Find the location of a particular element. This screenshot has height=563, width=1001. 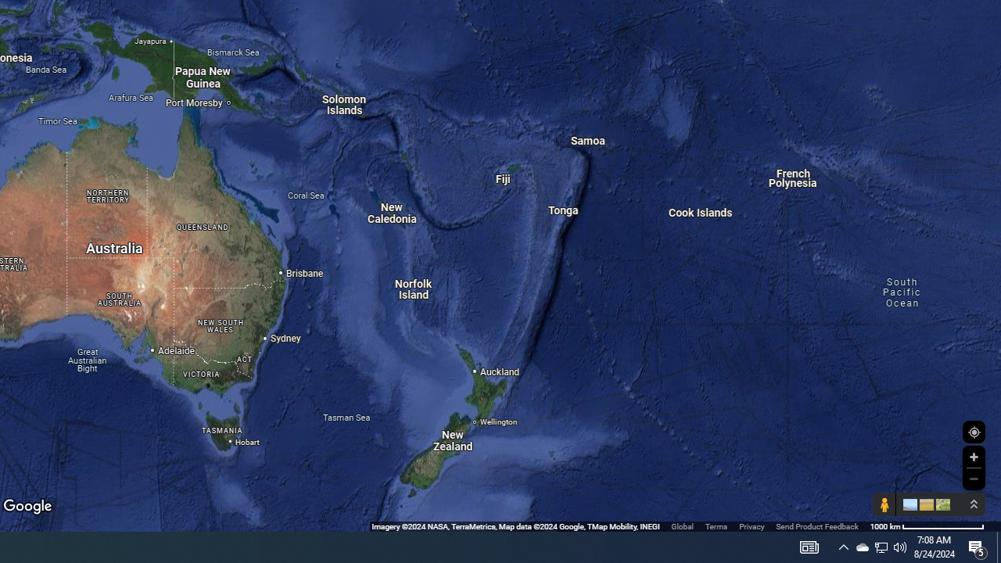

'Send Product Feedback' is located at coordinates (816, 526).